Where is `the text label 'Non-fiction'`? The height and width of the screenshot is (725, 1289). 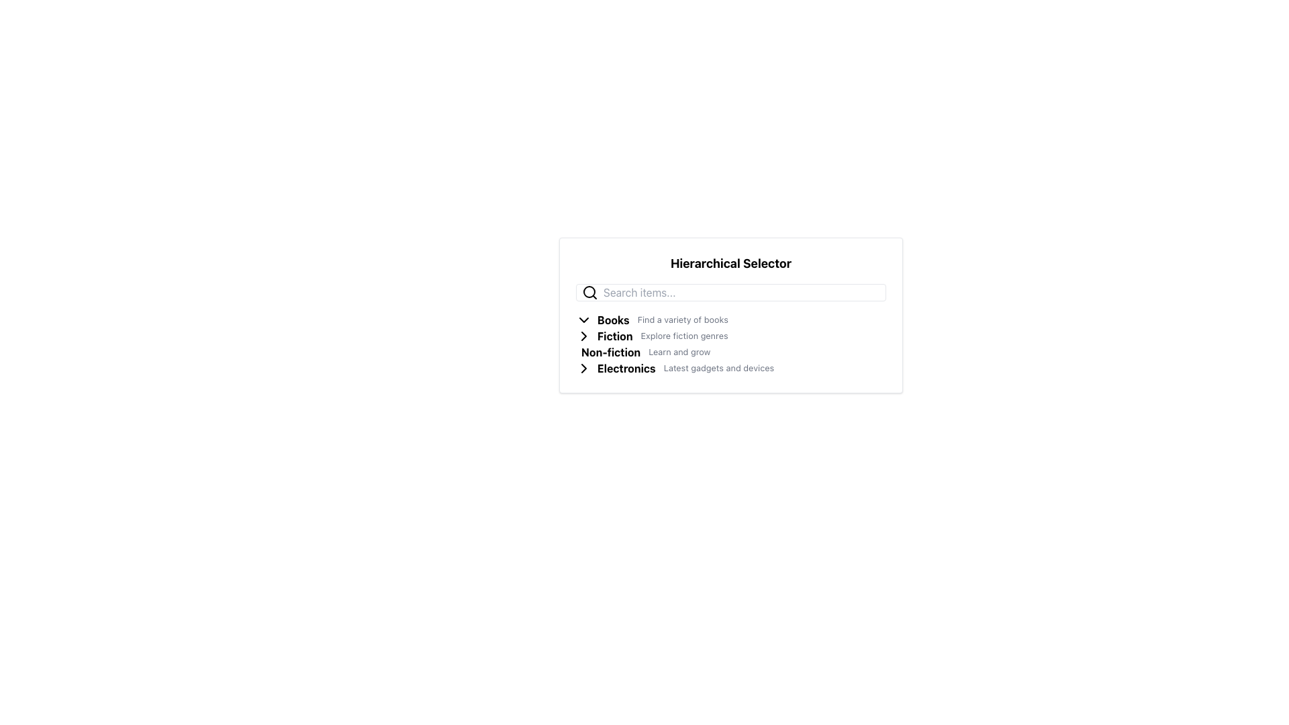 the text label 'Non-fiction' is located at coordinates (610, 351).